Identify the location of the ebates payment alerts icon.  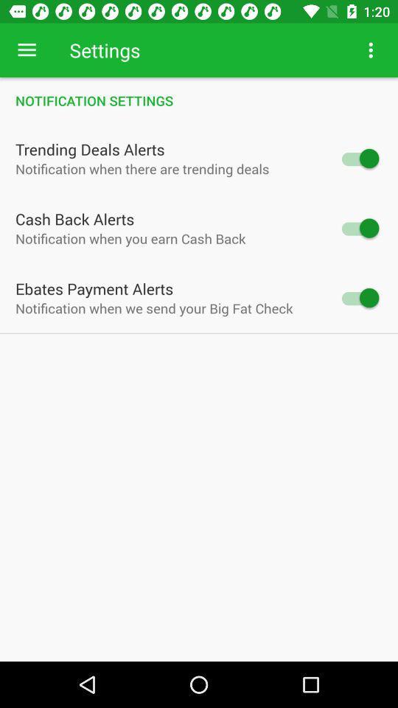
(94, 288).